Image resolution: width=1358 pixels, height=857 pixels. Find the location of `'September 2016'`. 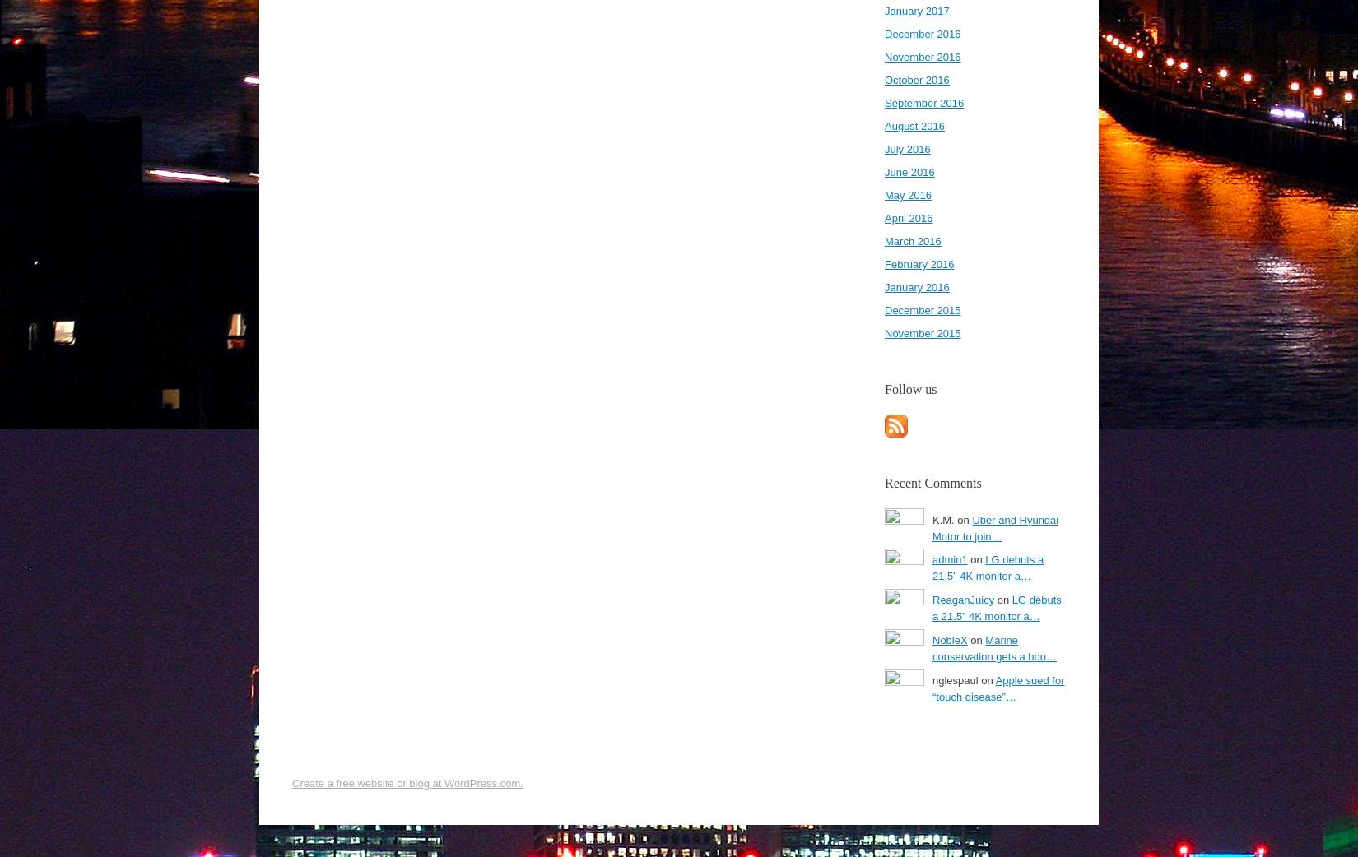

'September 2016' is located at coordinates (923, 103).